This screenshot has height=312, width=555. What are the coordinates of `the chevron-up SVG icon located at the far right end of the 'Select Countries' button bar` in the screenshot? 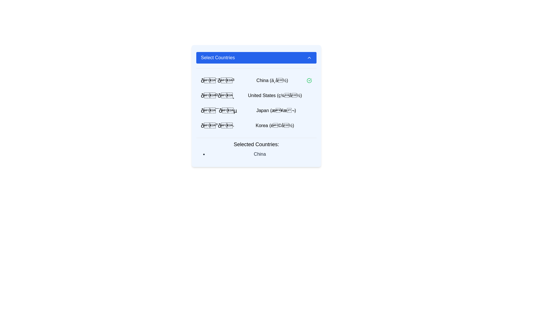 It's located at (309, 58).